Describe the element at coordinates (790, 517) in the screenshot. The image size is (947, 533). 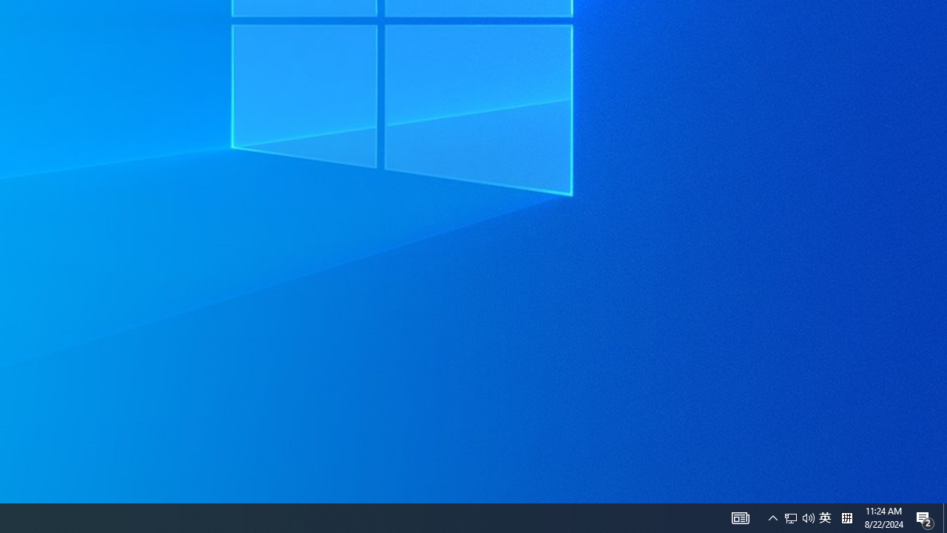
I see `'Q2790: 100%'` at that location.